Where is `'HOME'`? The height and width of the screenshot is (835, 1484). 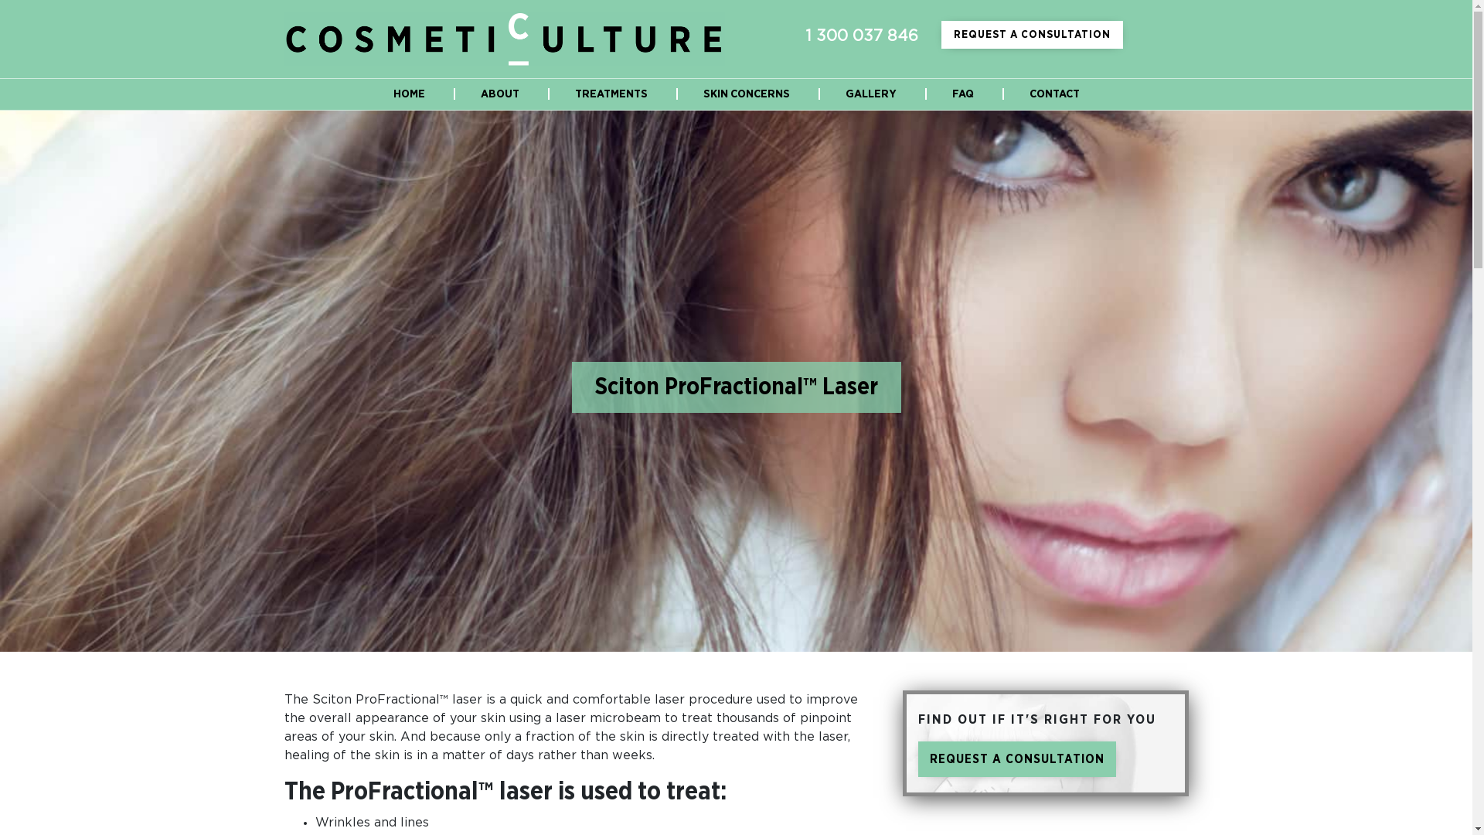 'HOME' is located at coordinates (408, 94).